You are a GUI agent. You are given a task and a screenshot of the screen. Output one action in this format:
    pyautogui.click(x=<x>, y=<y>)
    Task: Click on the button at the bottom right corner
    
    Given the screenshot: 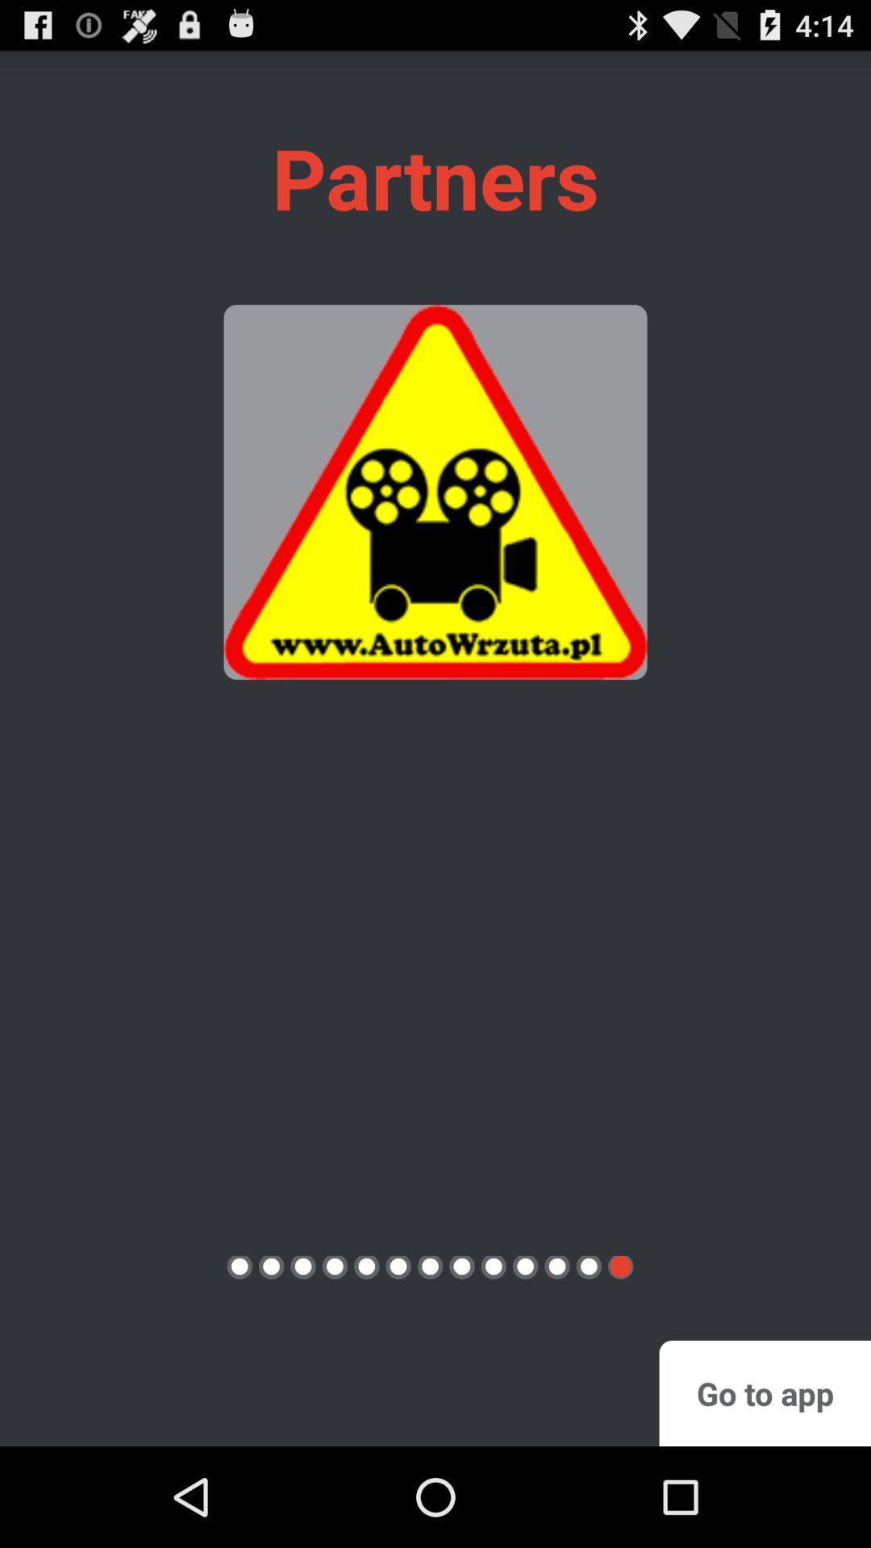 What is the action you would take?
    pyautogui.click(x=764, y=1392)
    